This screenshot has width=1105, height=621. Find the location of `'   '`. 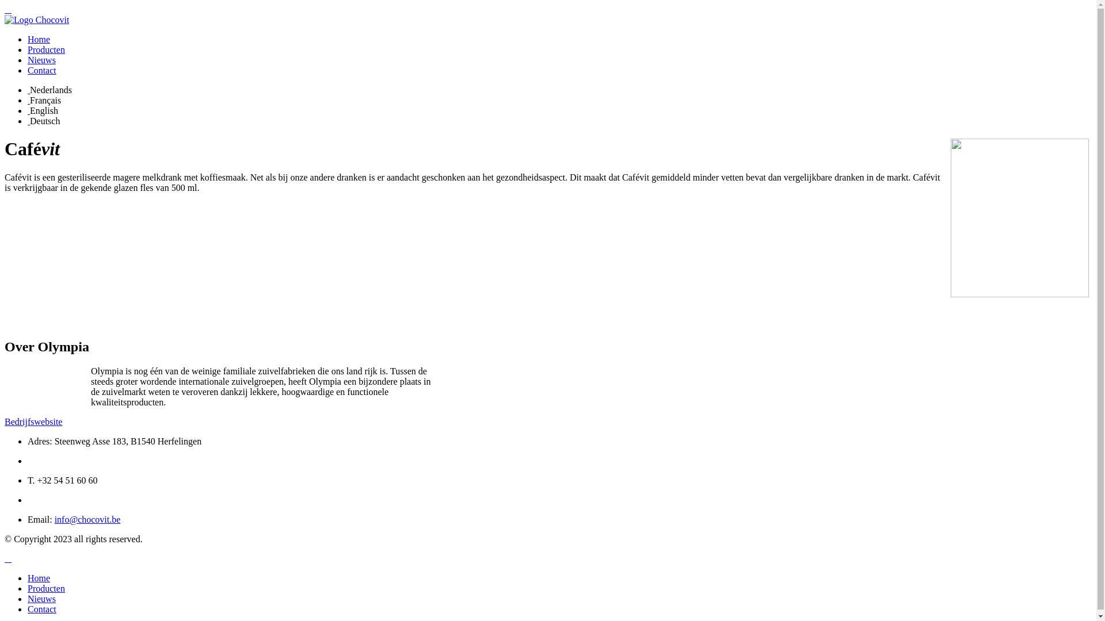

'   ' is located at coordinates (8, 9).